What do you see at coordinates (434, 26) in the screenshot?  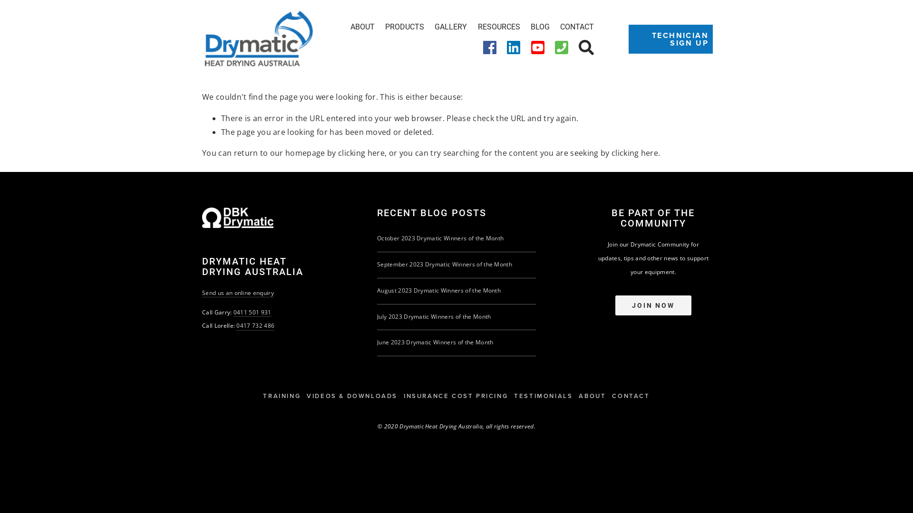 I see `'GALLERY'` at bounding box center [434, 26].